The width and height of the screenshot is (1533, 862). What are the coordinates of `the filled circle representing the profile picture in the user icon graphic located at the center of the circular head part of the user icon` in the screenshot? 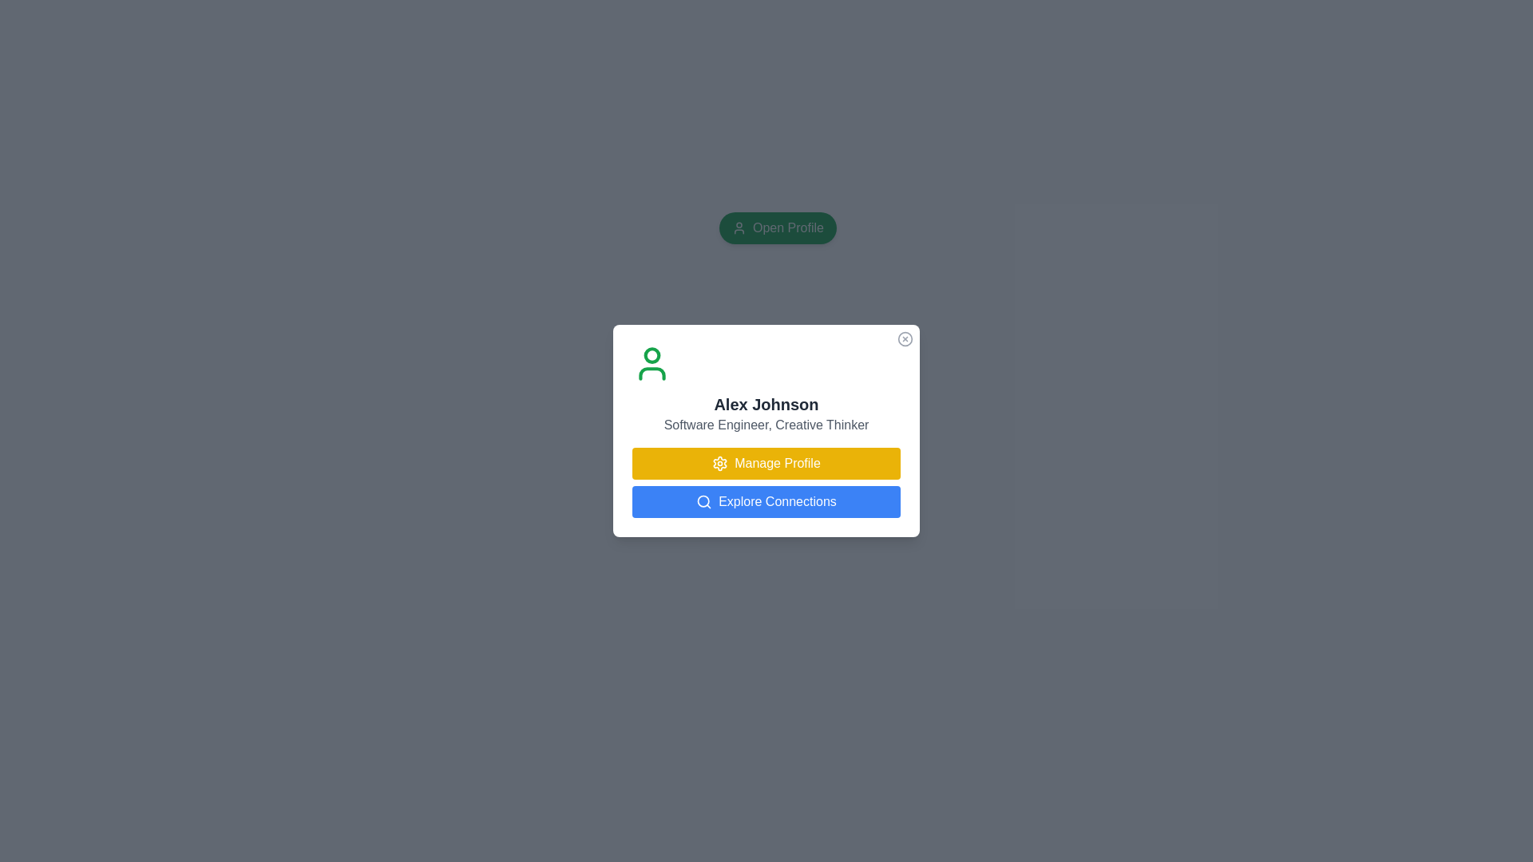 It's located at (652, 354).